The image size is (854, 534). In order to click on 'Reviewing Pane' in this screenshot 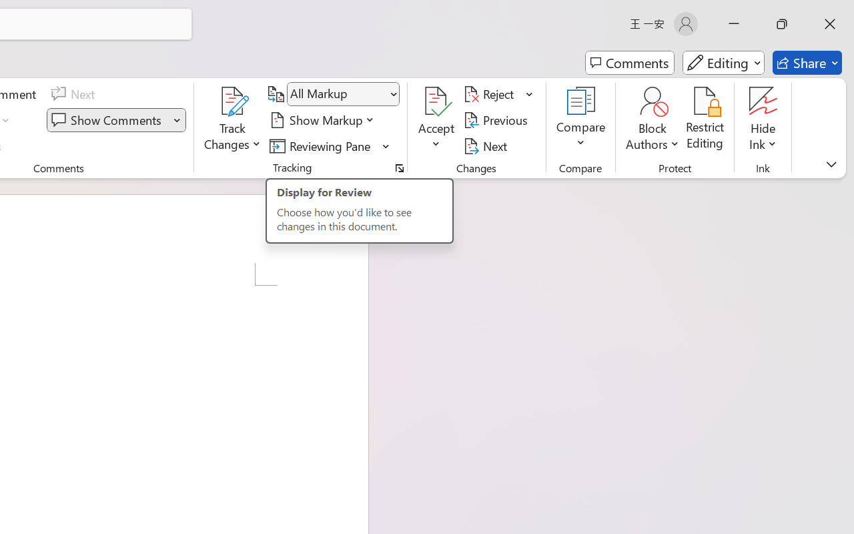, I will do `click(322, 146)`.